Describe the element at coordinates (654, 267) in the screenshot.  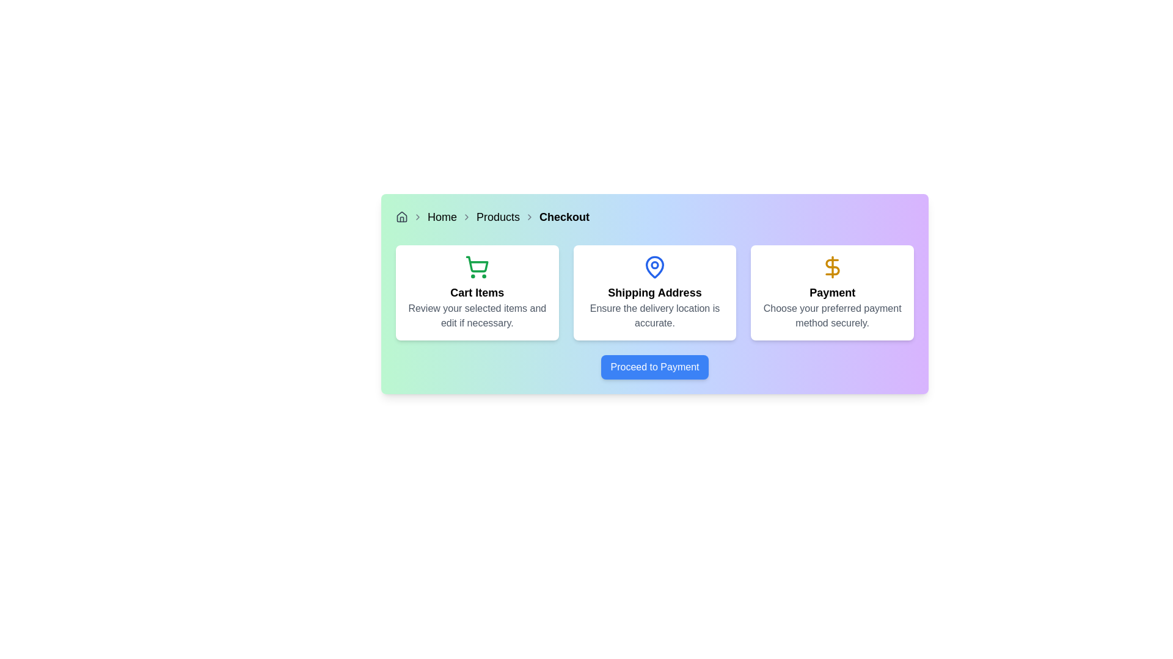
I see `the blue map pin icon, which is the left component of the 'Shipping Address' card located at the center of the interface` at that location.